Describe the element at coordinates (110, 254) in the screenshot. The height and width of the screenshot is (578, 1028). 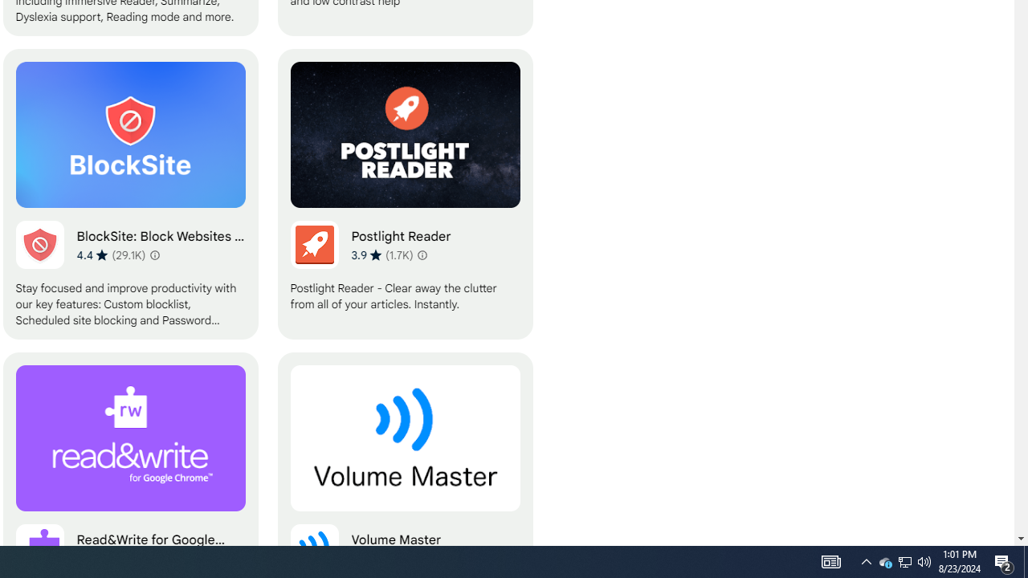
I see `'Average rating 4.4 out of 5 stars. 29.1K ratings.'` at that location.